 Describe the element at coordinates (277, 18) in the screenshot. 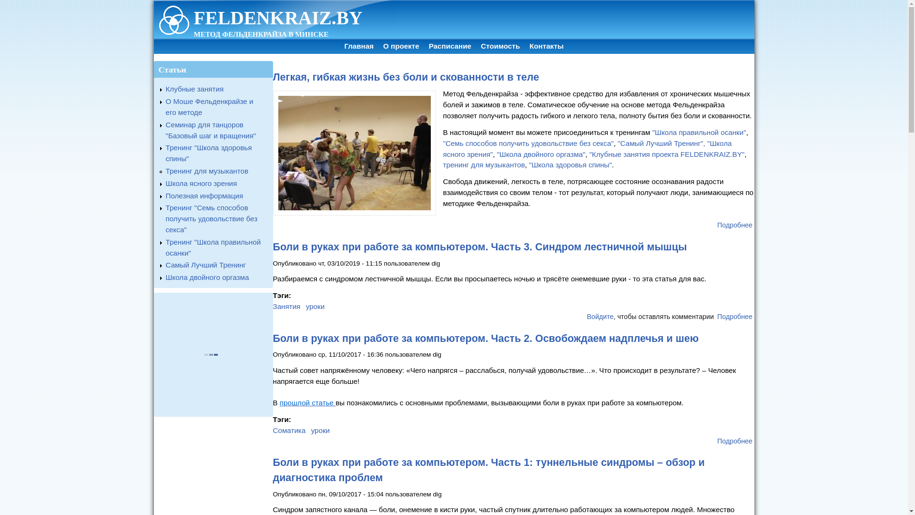

I see `'FELDENKRAIZ.BY'` at that location.